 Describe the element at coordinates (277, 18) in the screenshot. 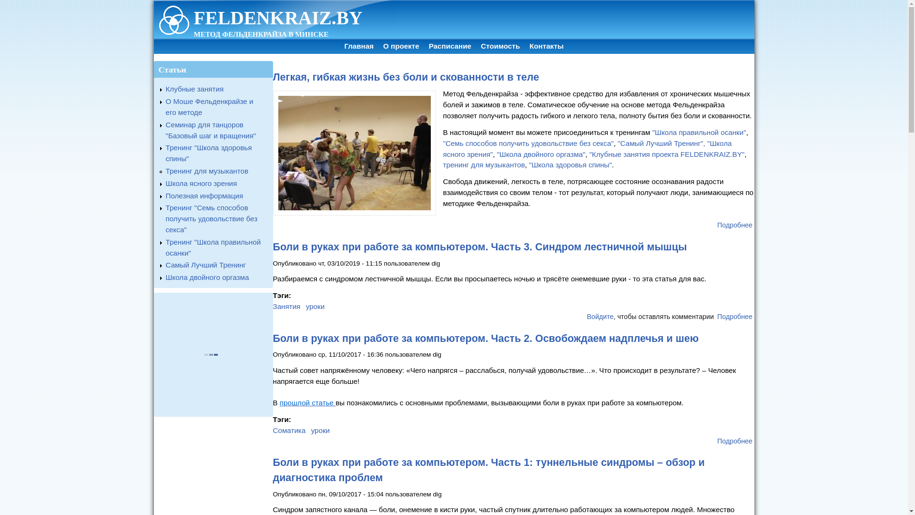

I see `'FELDENKRAIZ.BY'` at that location.